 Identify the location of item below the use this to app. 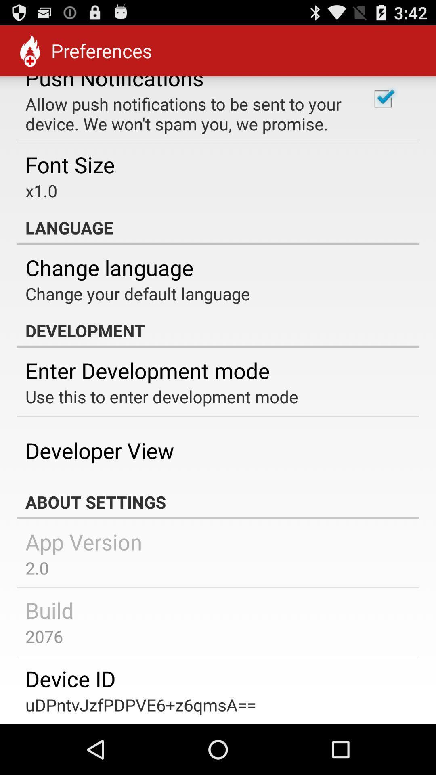
(99, 450).